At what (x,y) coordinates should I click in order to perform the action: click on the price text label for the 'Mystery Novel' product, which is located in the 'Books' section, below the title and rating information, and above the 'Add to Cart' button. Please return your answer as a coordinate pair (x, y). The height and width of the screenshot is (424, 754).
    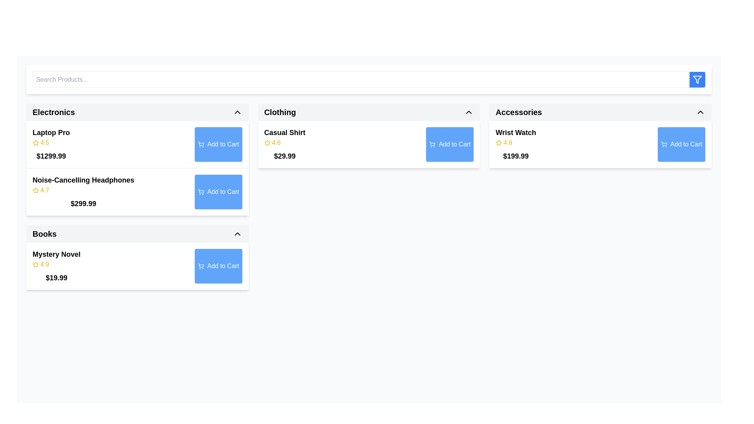
    Looking at the image, I should click on (56, 278).